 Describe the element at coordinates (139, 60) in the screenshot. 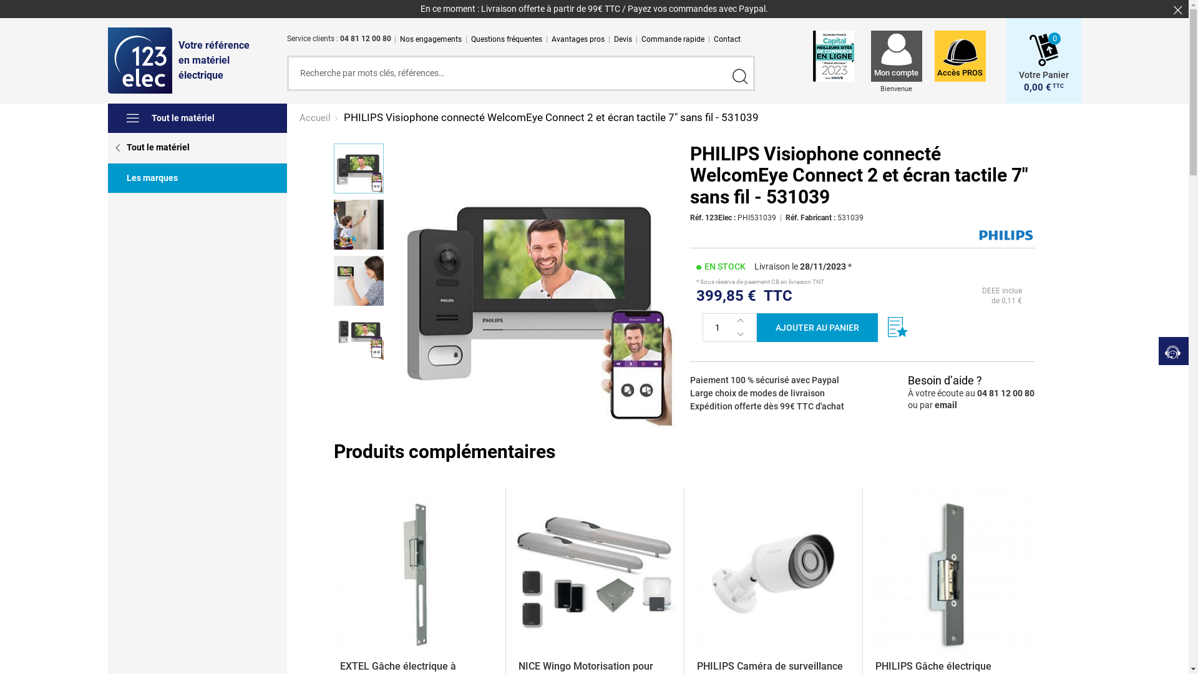

I see `'123elec'` at that location.